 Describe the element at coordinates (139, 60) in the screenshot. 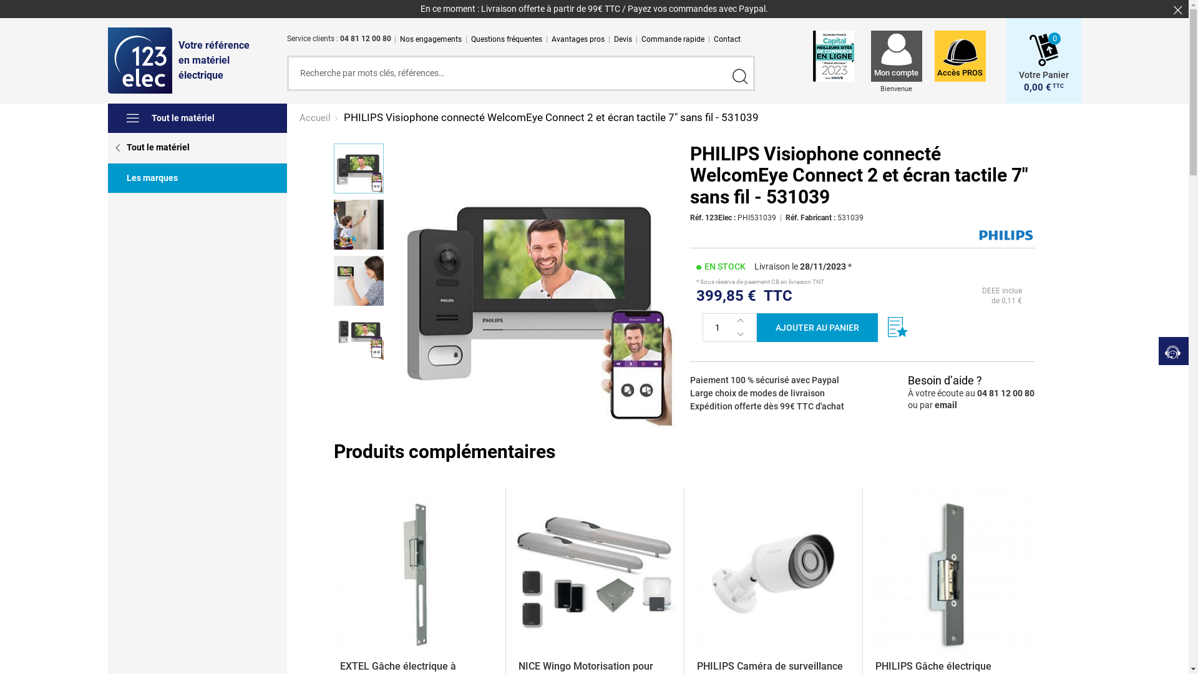

I see `'123elec'` at that location.